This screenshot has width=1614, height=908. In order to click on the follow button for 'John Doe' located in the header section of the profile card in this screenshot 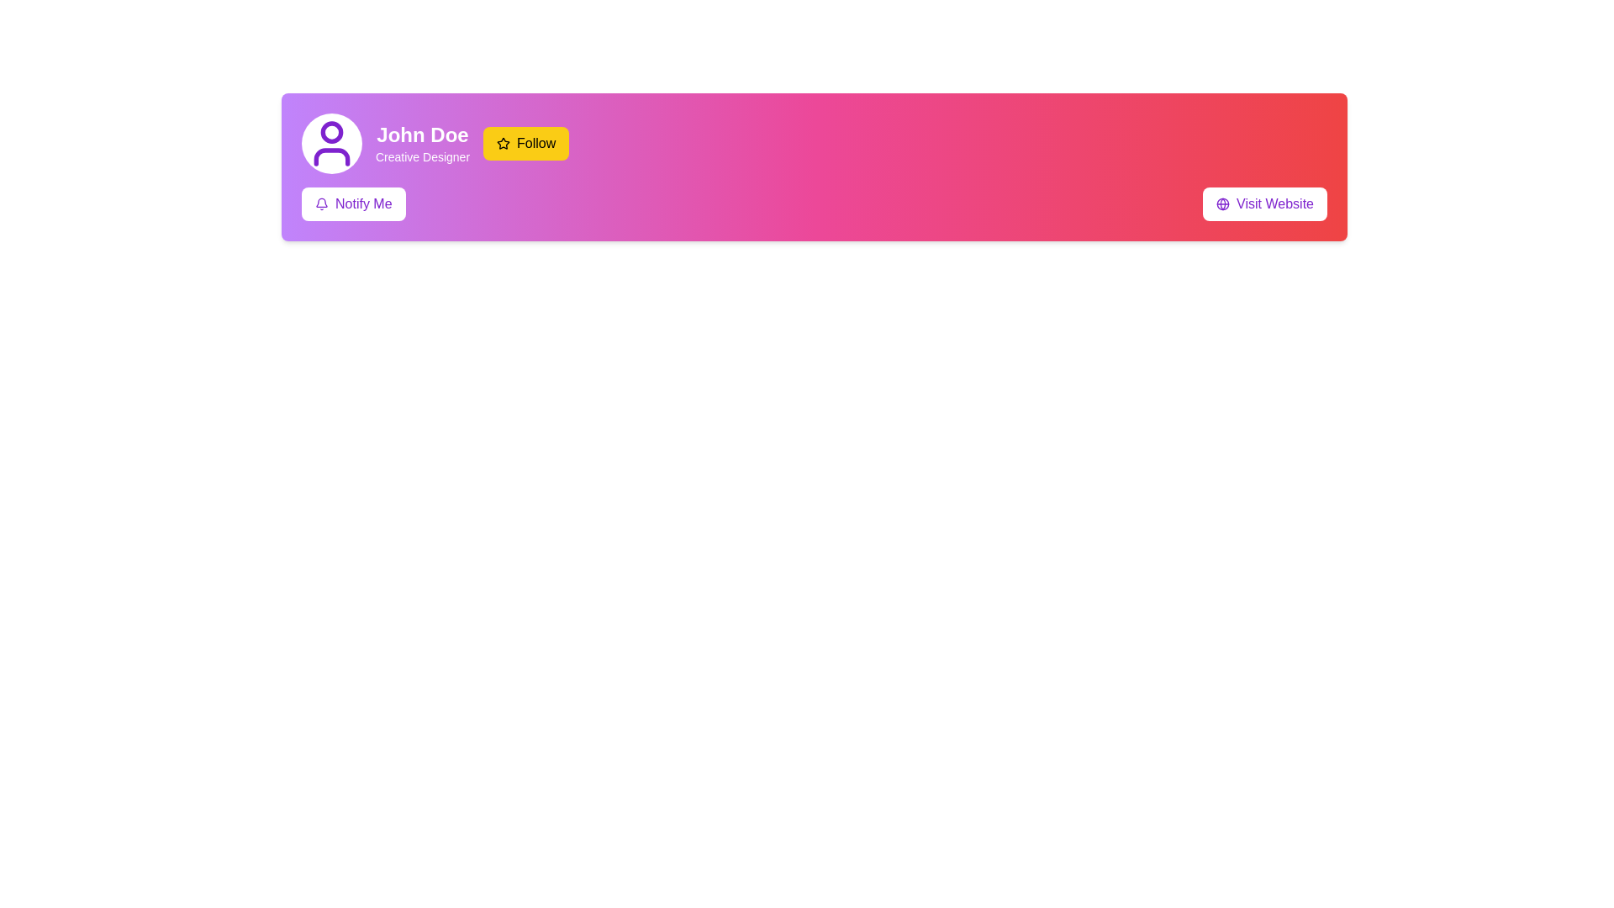, I will do `click(525, 142)`.